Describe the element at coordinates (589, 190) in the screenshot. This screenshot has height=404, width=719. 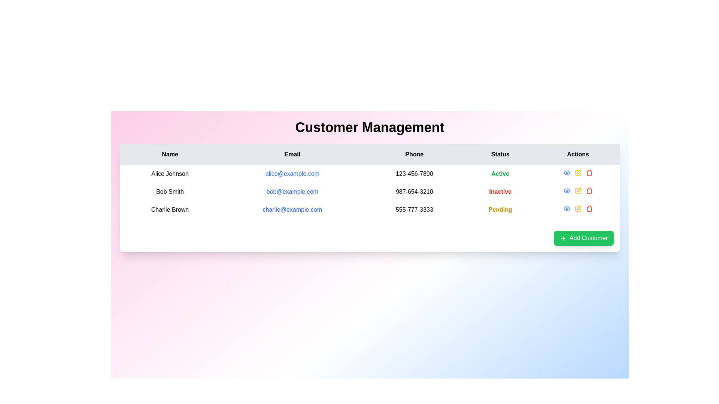
I see `the delete icon in the 'Actions' column for the record of 'Bob Smith'` at that location.